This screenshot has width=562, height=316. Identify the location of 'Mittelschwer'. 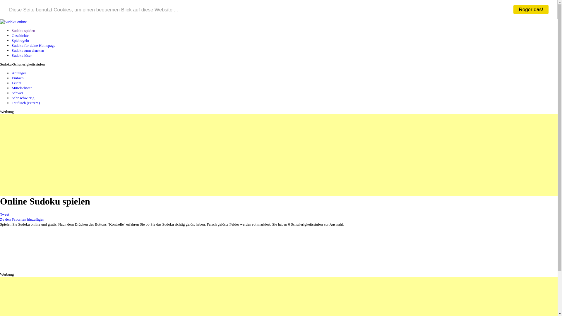
(22, 88).